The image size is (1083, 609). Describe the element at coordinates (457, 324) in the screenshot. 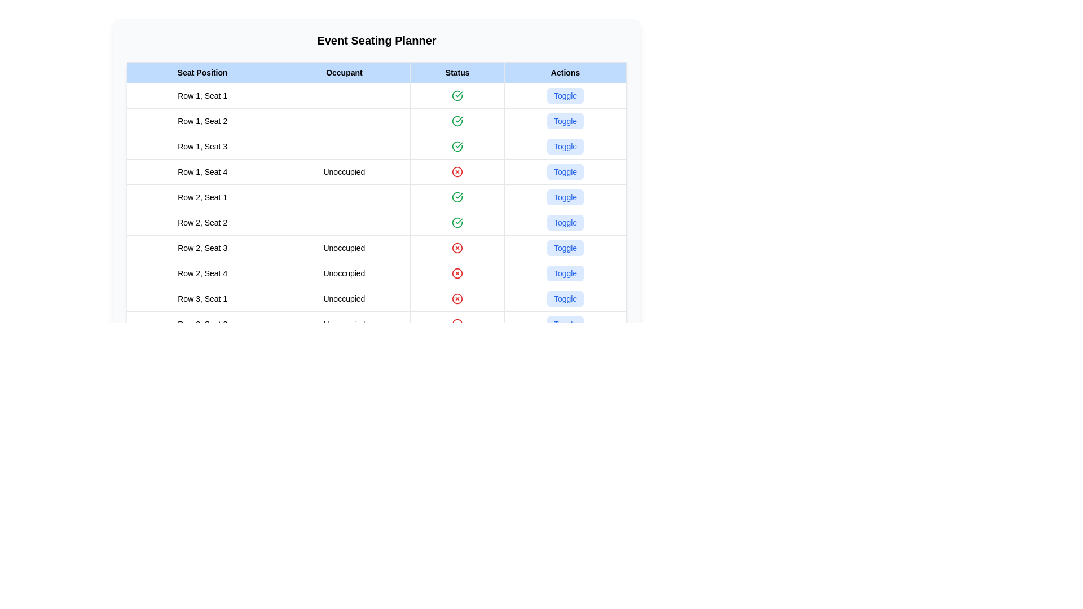

I see `the circular graphical shape within the SVG icon that indicates a control or status, located in the 'Status' column under 'Row 2, Seat 3', adjacent to 'Unoccupied'` at that location.